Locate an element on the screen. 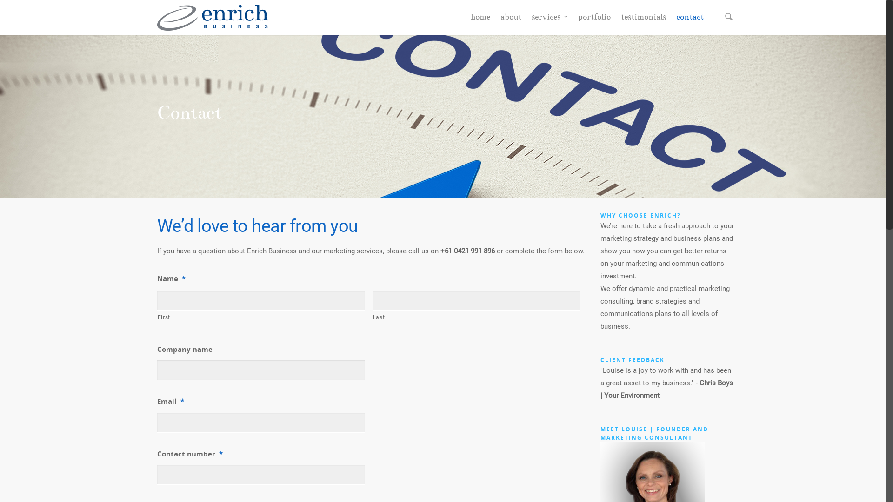 The image size is (893, 502). 'home' is located at coordinates (466, 20).